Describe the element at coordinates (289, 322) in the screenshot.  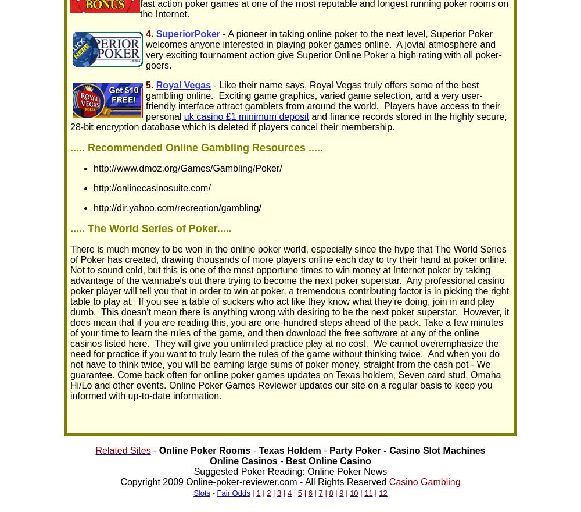
I see `'There is much money to be won in the online poker world, especially since the hype that The World Series of Poker has created, drawing thousands of more players online each day to try their hand at poker online.  Not to sound cold, but this is one of the most opportune times to win money at Internet poker by taking advantage of the wannabe's out there trying to become the next poker superstar.  Any professional casino poker player will tell you that in order to win at poker, a tremendous contributing factor is in picking the right table to play at.  If you see a table of suckers who act like they know what they're doing, join in and play dumb.  This doesn't mean there is anything wrong with desiring to be the next poker superstar.  However, it does mean that if you are reading this, you are one-hundred steps ahead of the pack. Take a few minutes of your time to learn the rules of the game, and then download the free software at any of the online casinos listed here.  They will give you unlimited practice play at no cost.  We cannot overemphasize the need for practice if you want to truly learn the rules of the game without thinking twice.  And when you do not have to think twice, you will be earning large sums of poker money, straight from the cash pot - We guarantee. Come back often for online poker games updates on Texas holdem, Seven card stud, Omaha Hi/Lo and other events. Online Poker Games Reviewer updates our site on a regular basis to keep you informed with up-to-date information.'` at that location.